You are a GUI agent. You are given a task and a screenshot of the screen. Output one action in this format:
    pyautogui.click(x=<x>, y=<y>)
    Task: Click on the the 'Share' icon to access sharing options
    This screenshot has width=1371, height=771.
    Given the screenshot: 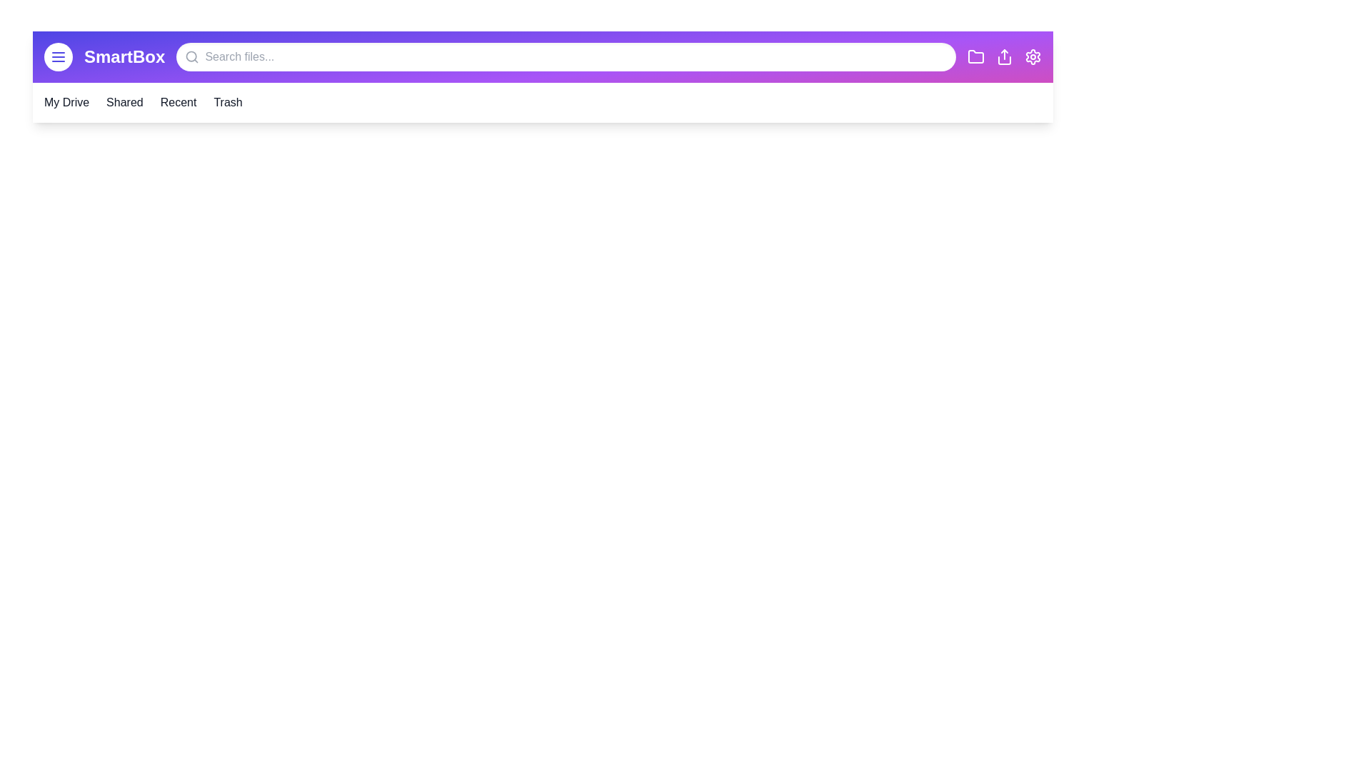 What is the action you would take?
    pyautogui.click(x=1003, y=56)
    